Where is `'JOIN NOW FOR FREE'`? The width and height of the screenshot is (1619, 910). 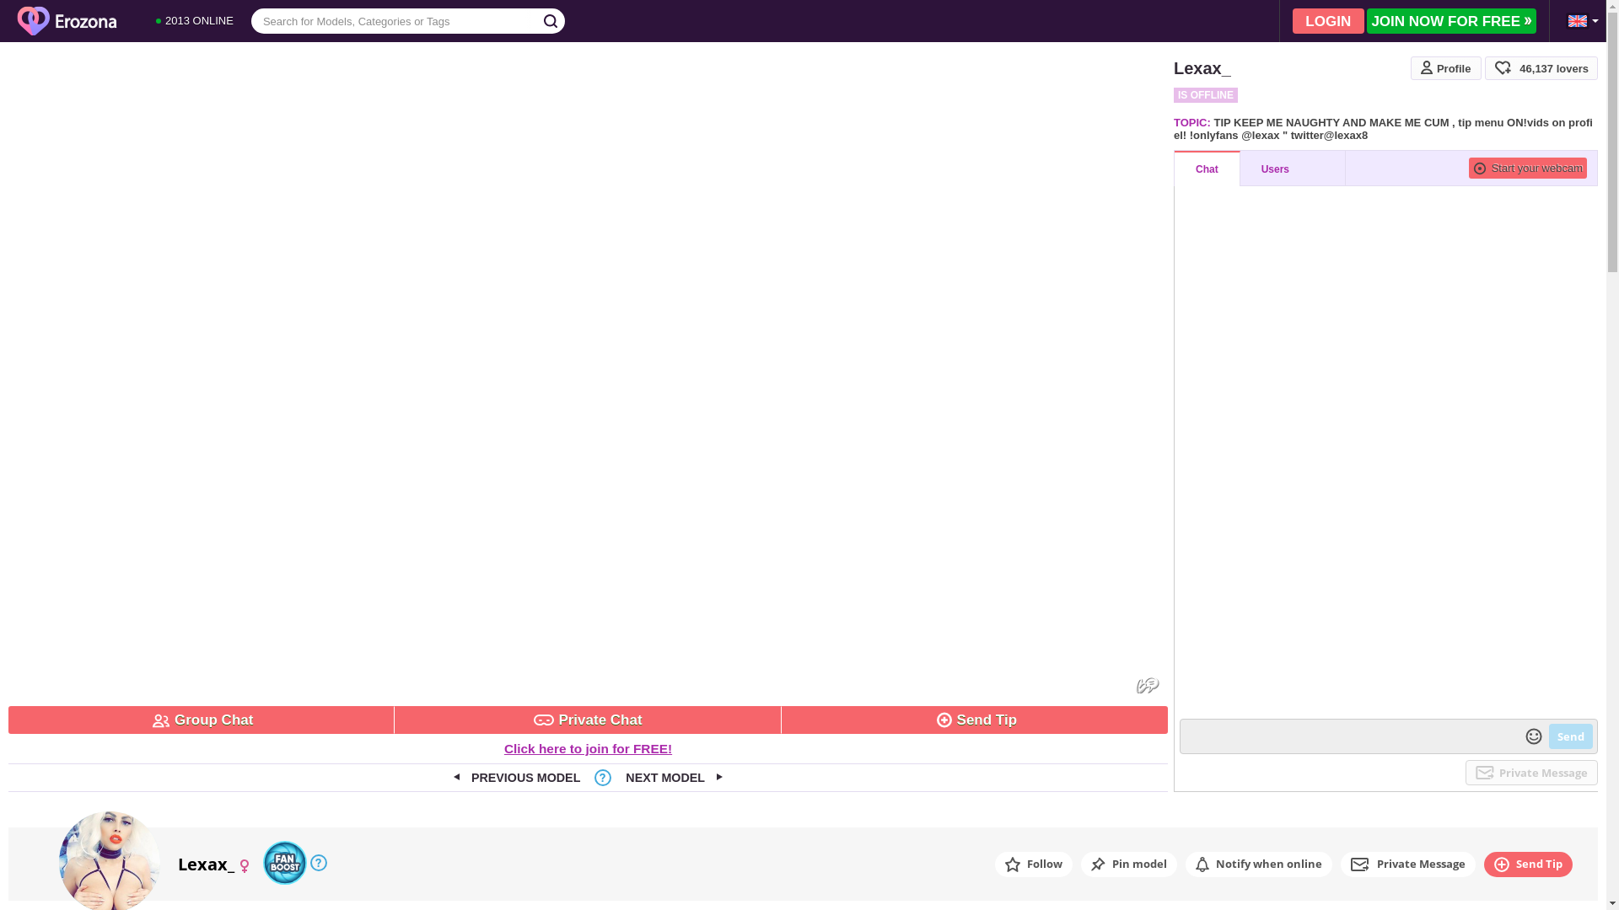
'JOIN NOW FOR FREE' is located at coordinates (1450, 20).